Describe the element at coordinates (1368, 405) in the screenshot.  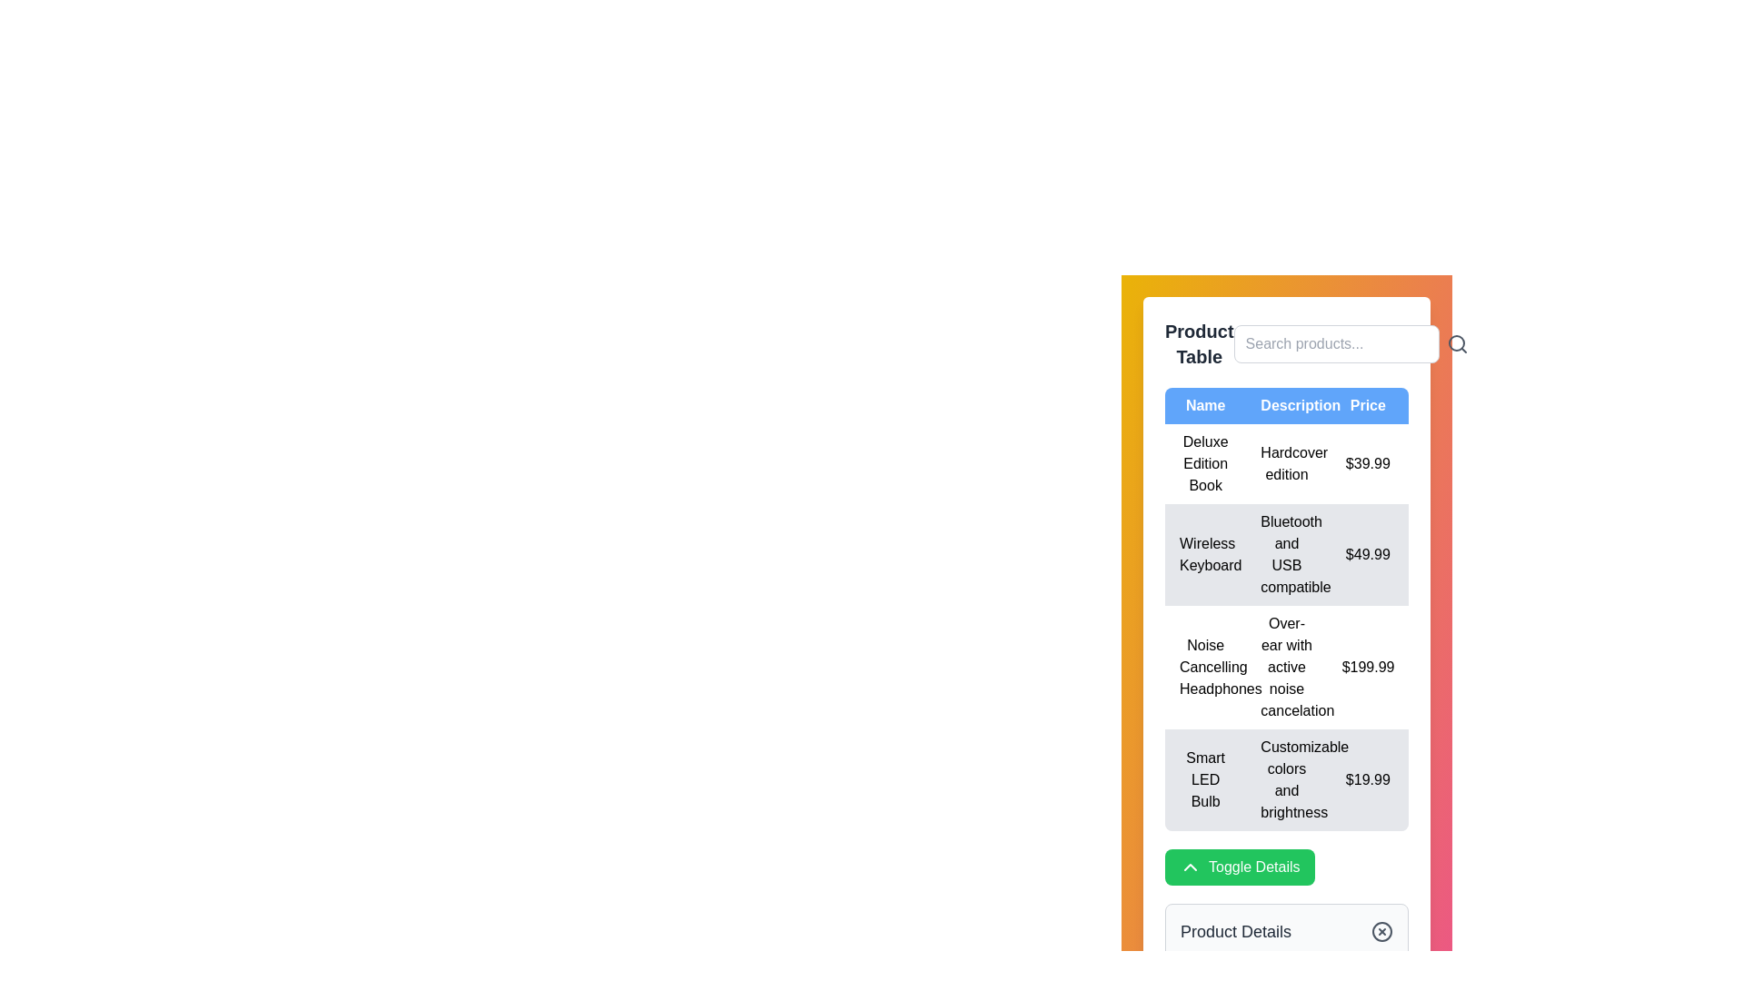
I see `the 'Price' static text label, which is the third column header in a table layout, visually represented as a rectangular blue button with white text` at that location.